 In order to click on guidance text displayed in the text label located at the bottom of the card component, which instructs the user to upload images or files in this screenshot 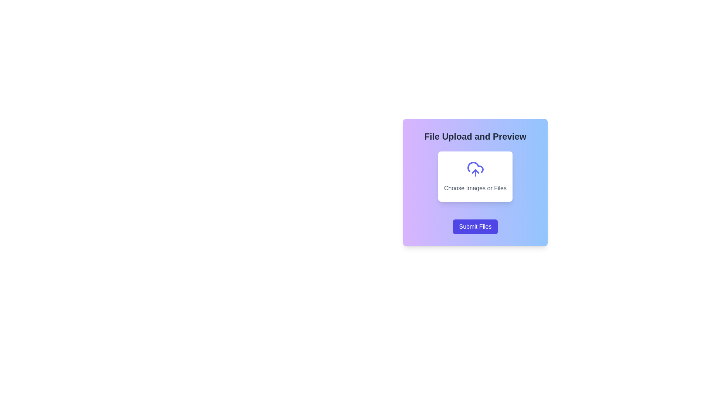, I will do `click(475, 188)`.